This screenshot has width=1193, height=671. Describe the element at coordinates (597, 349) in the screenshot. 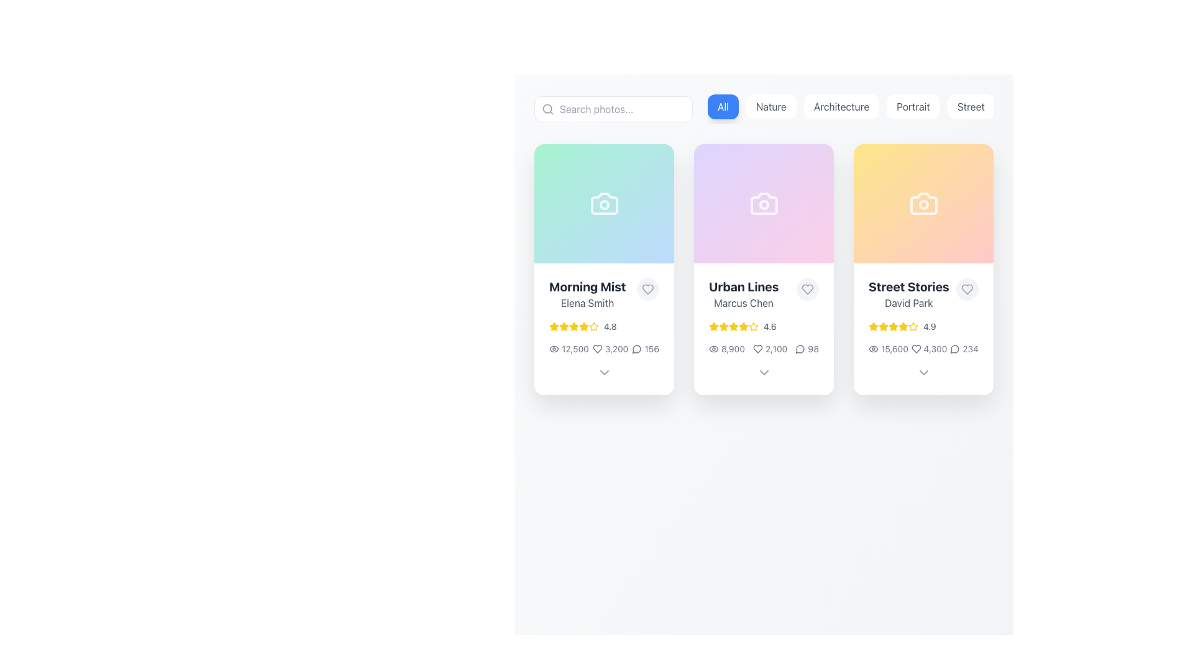

I see `the like icon located to the left of the numerical label '3,200' in the bottom section of the 'Morning Mist' card` at that location.